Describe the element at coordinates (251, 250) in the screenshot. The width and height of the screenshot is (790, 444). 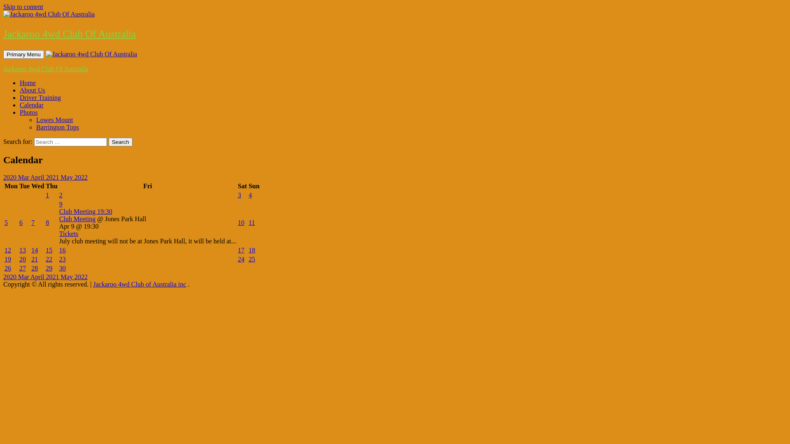
I see `'18'` at that location.